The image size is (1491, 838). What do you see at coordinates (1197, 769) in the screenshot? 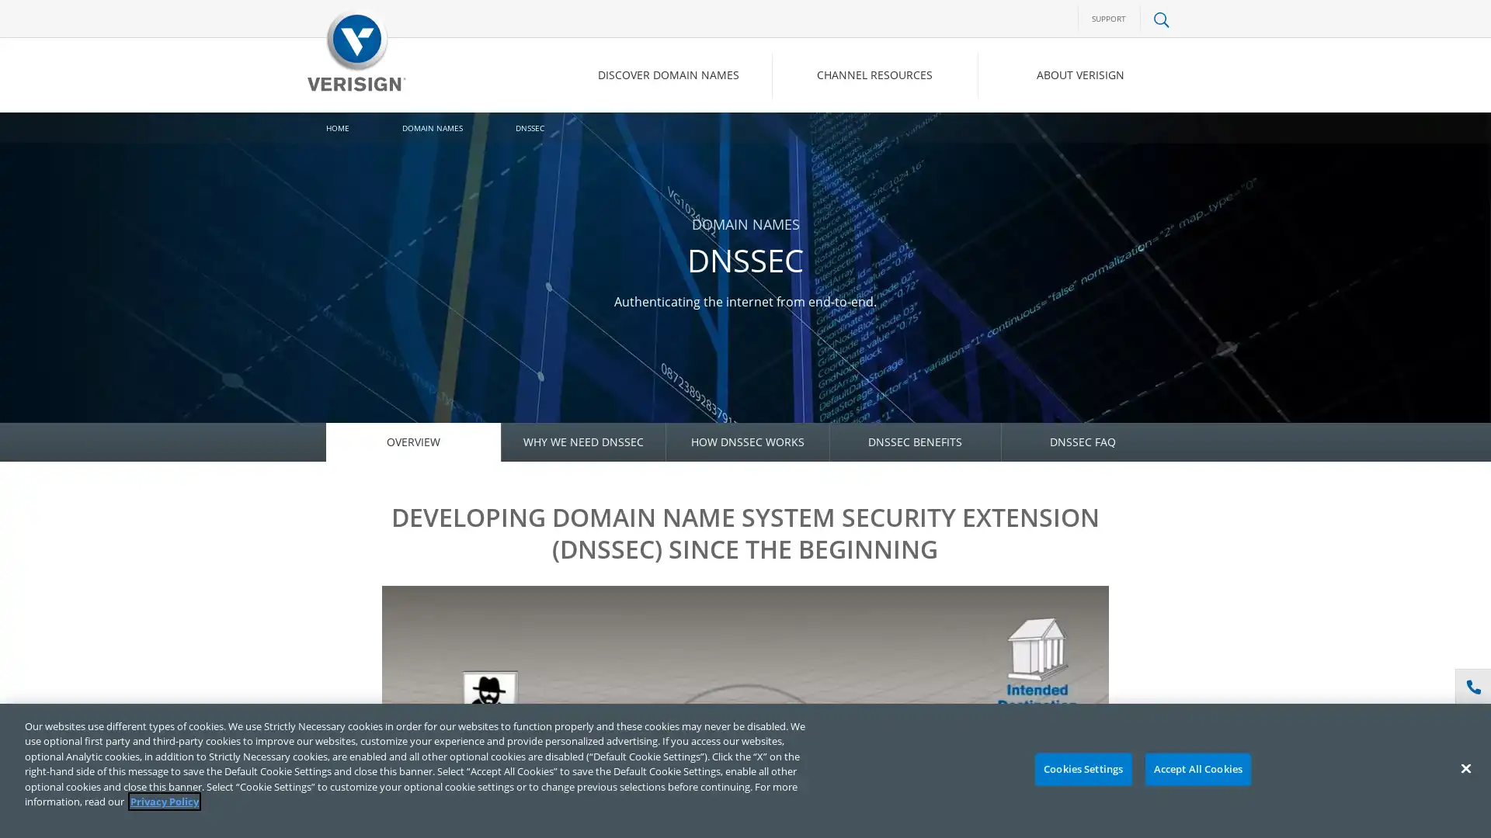
I see `Accept All Cookies` at bounding box center [1197, 769].